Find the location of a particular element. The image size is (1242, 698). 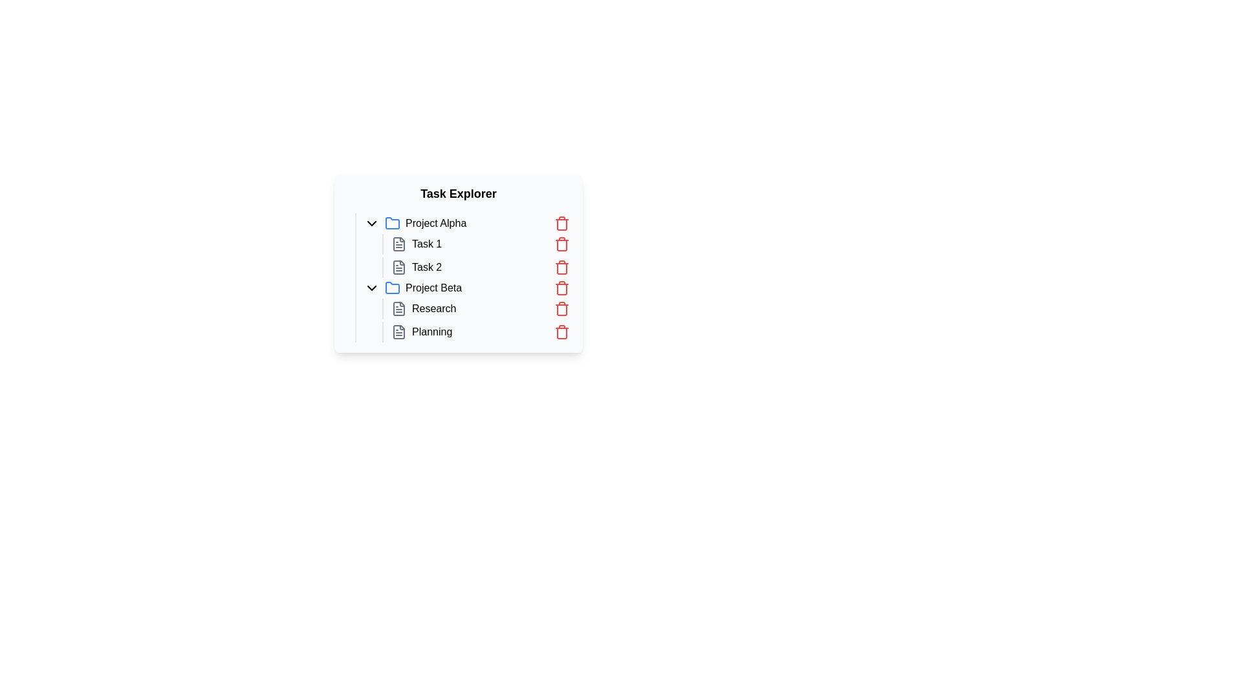

the trash icon element, which represents the body of a trash icon for delete functionality is located at coordinates (561, 310).